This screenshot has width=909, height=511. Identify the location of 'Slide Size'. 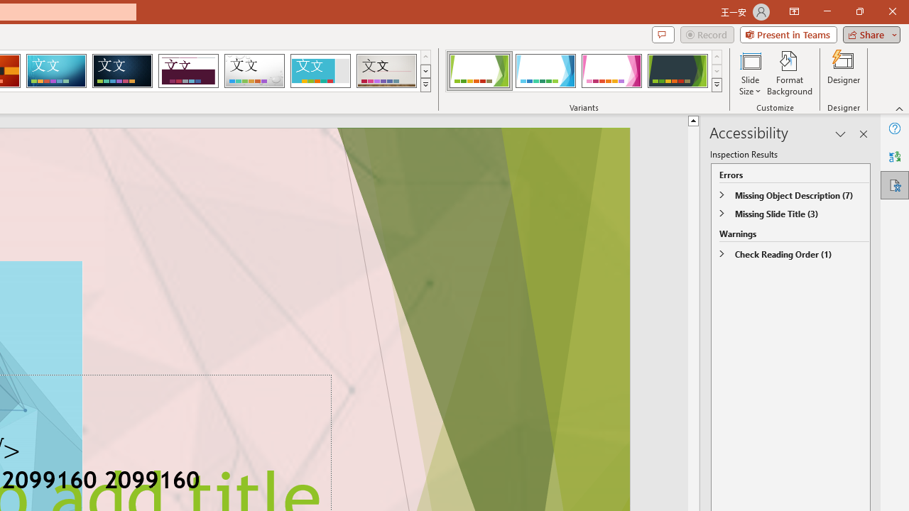
(749, 73).